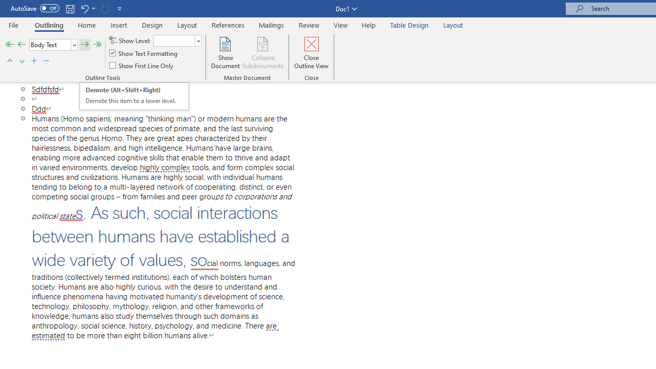 The height and width of the screenshot is (369, 656). What do you see at coordinates (311, 53) in the screenshot?
I see `'Close Outline View'` at bounding box center [311, 53].